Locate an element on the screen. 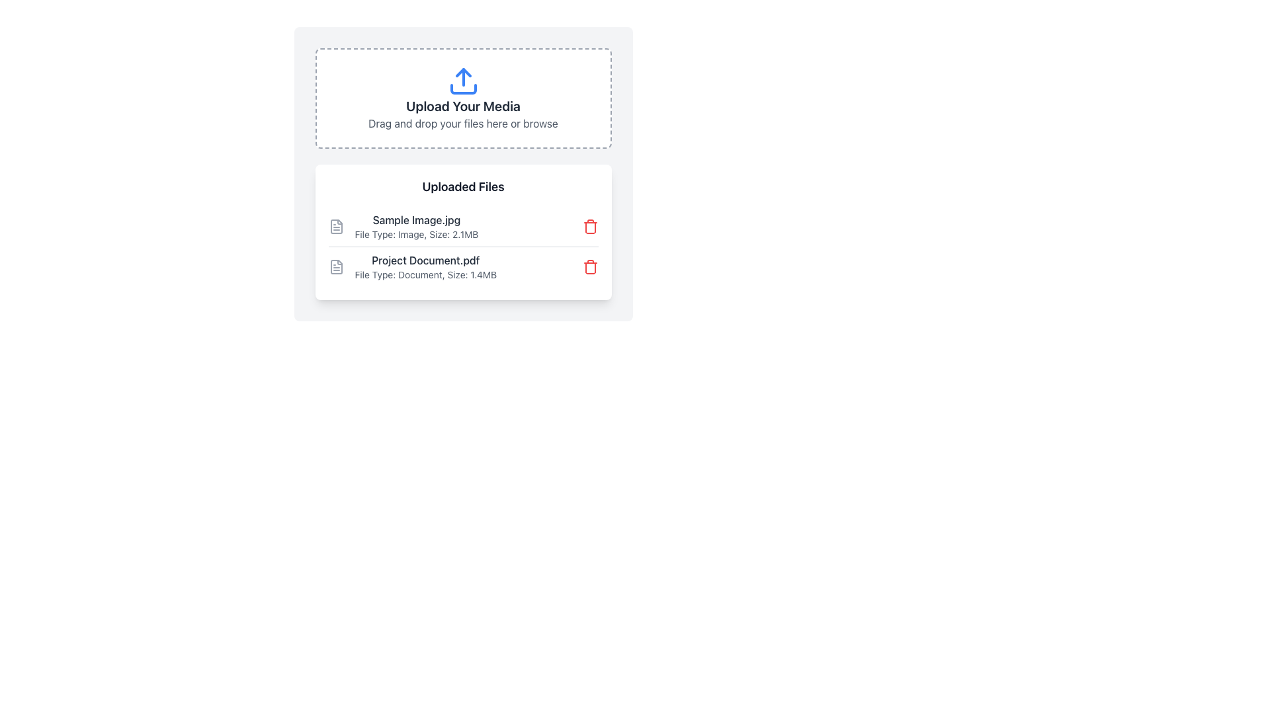 The height and width of the screenshot is (714, 1270). the rectangular file icon with a document-like appearance located next to the title 'Project Document.pdf' in the list of uploaded files is located at coordinates (336, 267).